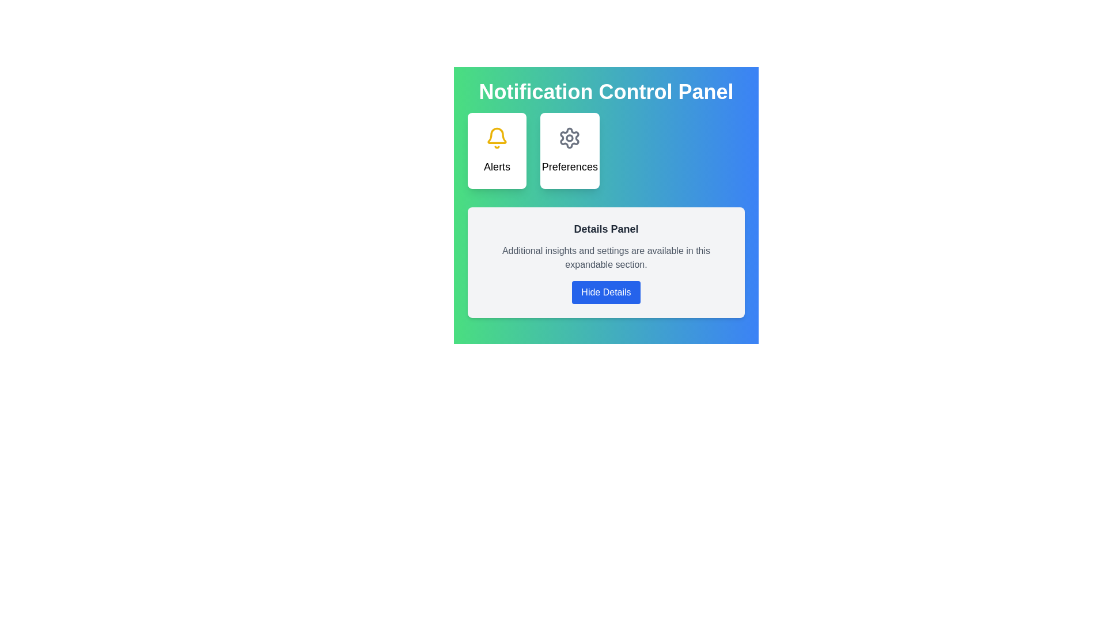  I want to click on descriptive text within the composite component located below the 'Alerts' and 'Preferences' cards, which contains a 'Hide Details' button to collapse the panel, so click(605, 262).